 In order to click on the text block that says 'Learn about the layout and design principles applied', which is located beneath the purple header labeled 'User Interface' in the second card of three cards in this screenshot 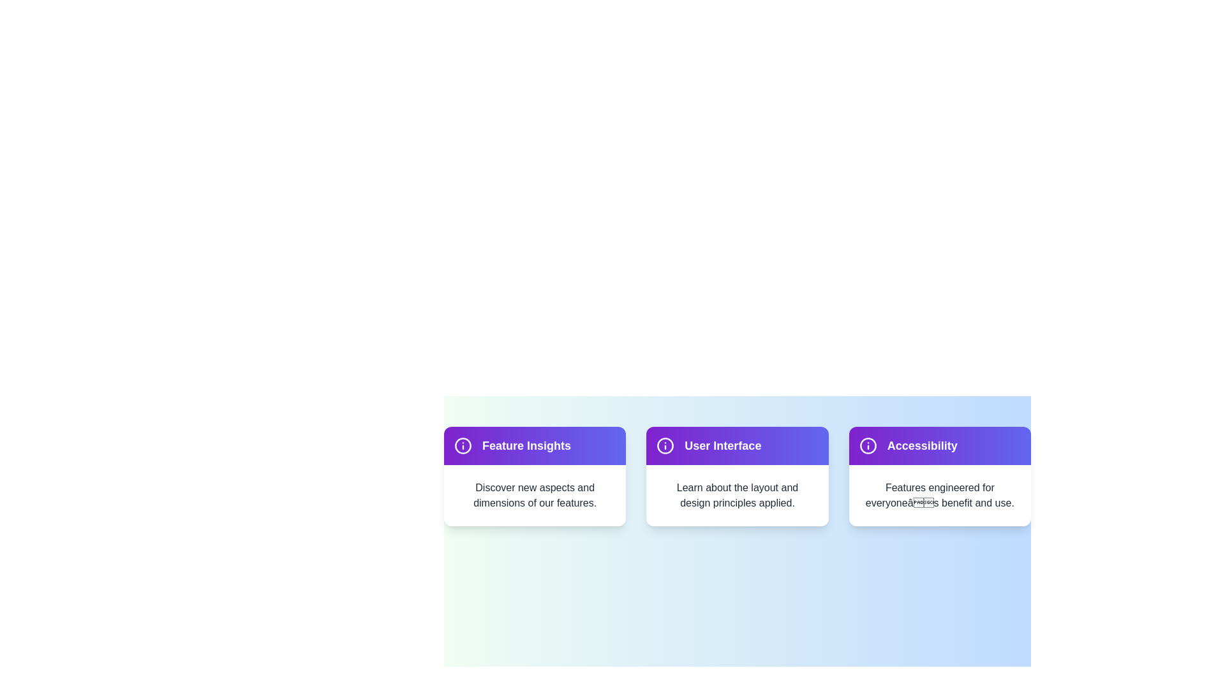, I will do `click(738, 494)`.